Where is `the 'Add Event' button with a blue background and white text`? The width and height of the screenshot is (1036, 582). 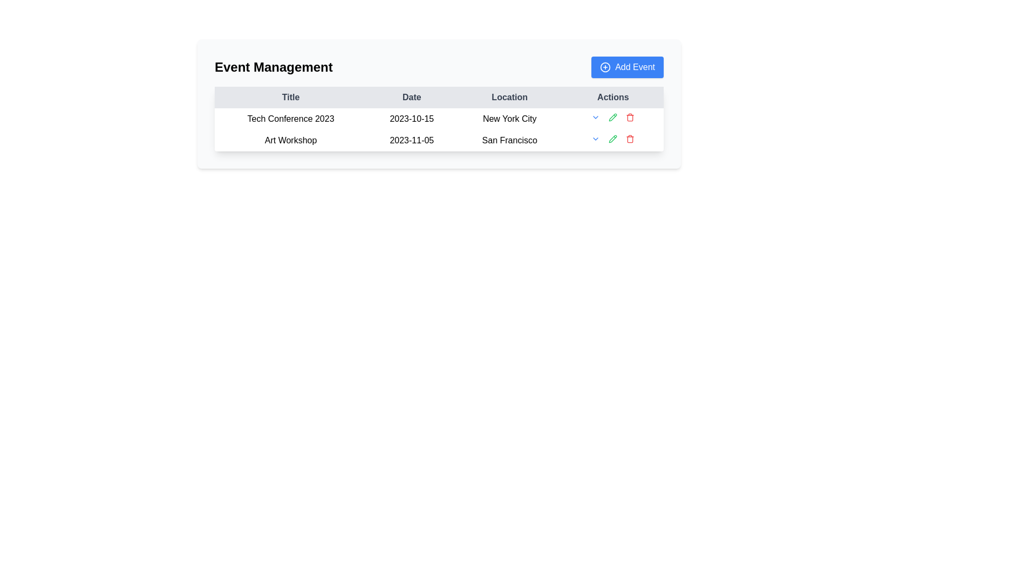
the 'Add Event' button with a blue background and white text is located at coordinates (628, 67).